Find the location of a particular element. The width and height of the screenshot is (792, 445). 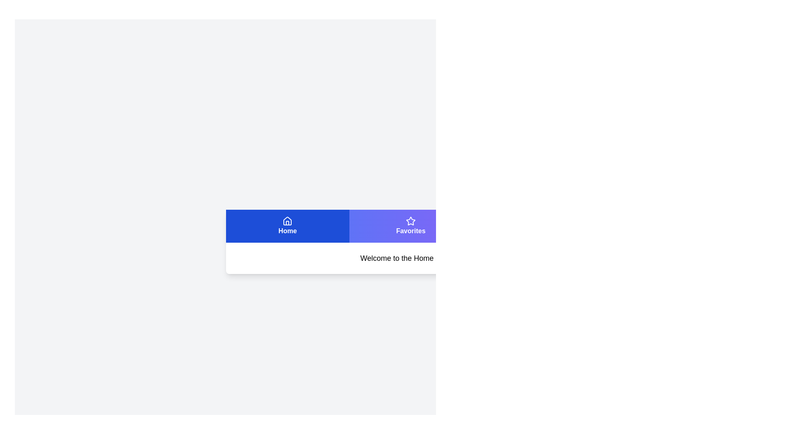

the blue 'Home' button with a white house icon and white text is located at coordinates (287, 226).